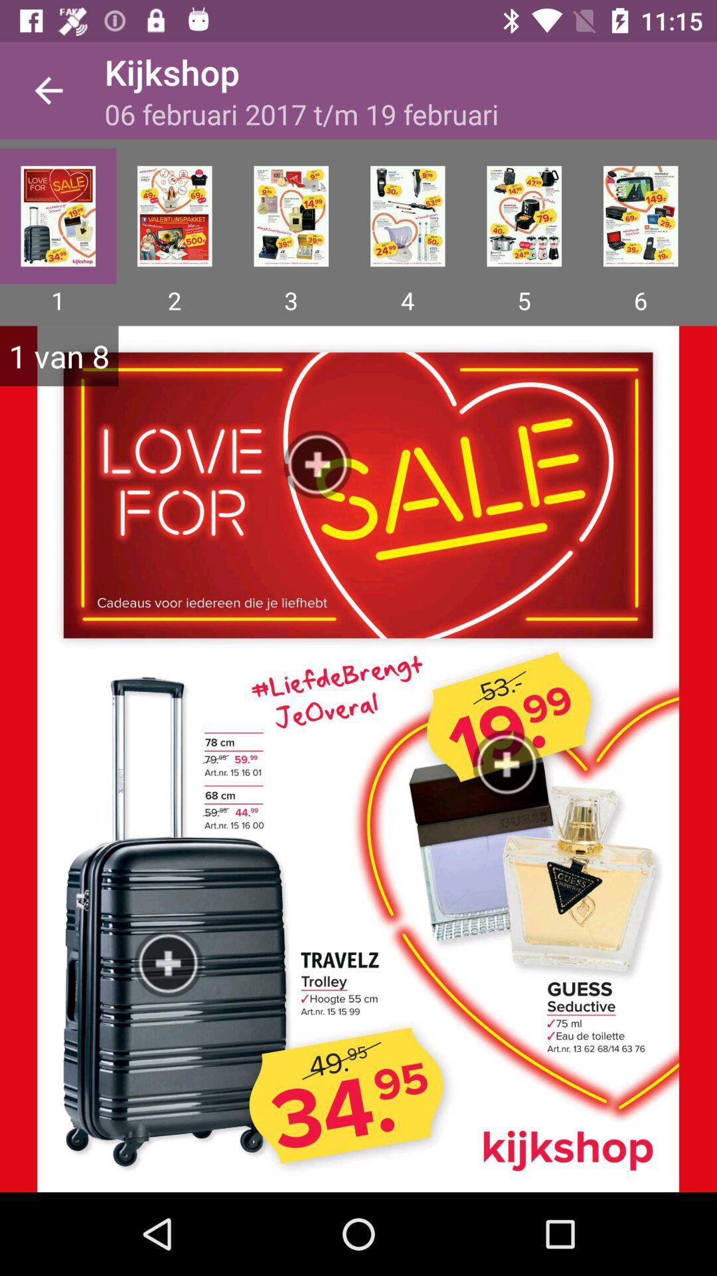 The height and width of the screenshot is (1276, 717). Describe the element at coordinates (174, 216) in the screenshot. I see `the book icon` at that location.